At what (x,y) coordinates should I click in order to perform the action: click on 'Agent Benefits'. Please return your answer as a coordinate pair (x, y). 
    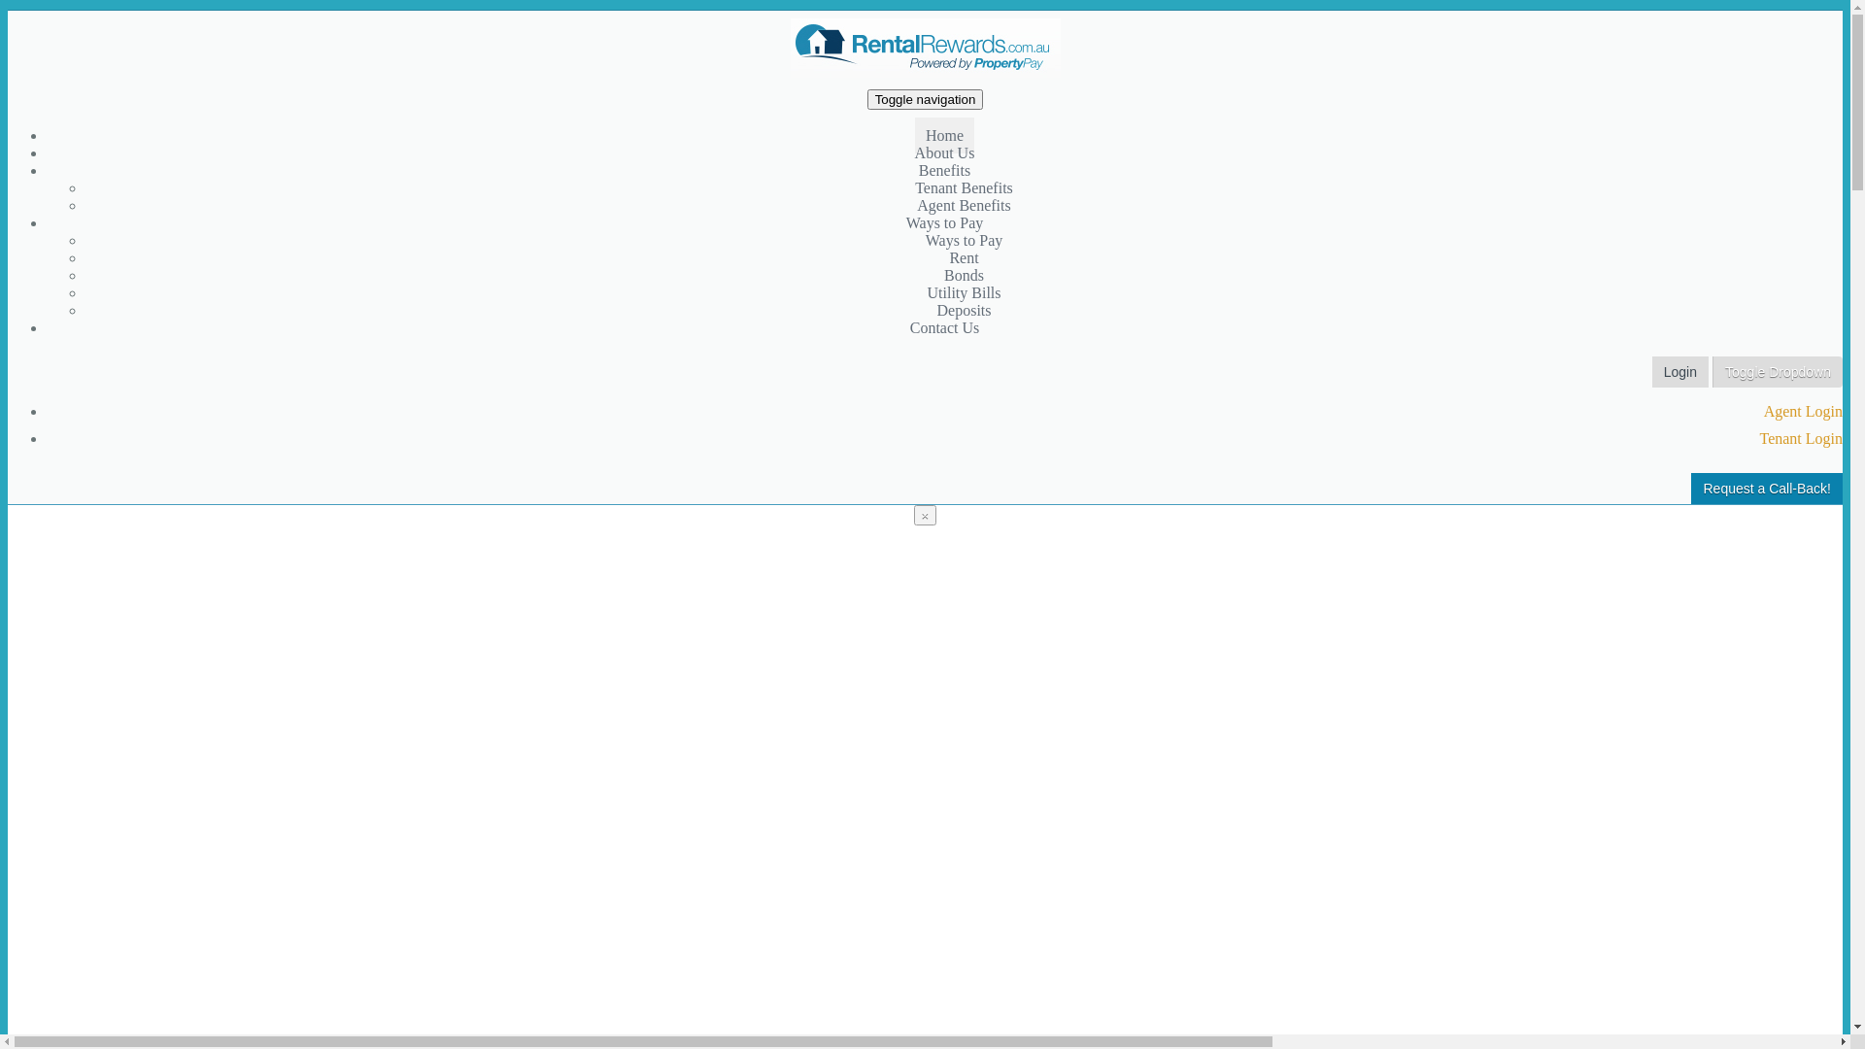
    Looking at the image, I should click on (964, 205).